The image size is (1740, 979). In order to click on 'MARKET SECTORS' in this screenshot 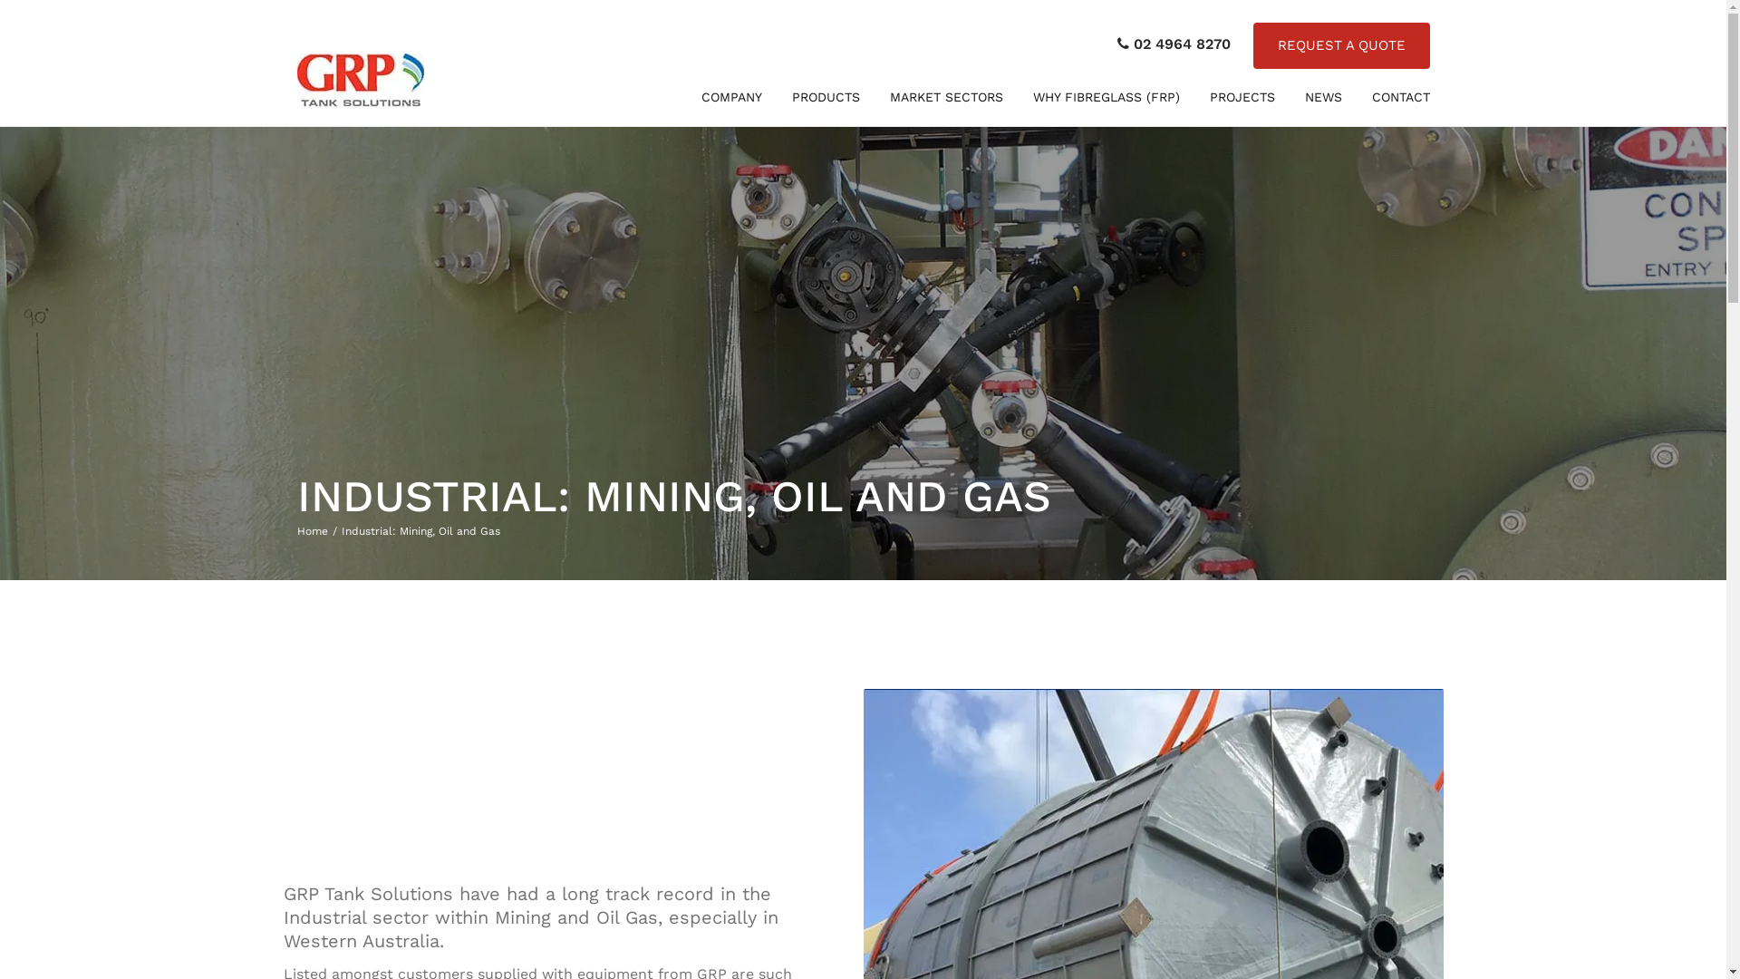, I will do `click(945, 97)`.